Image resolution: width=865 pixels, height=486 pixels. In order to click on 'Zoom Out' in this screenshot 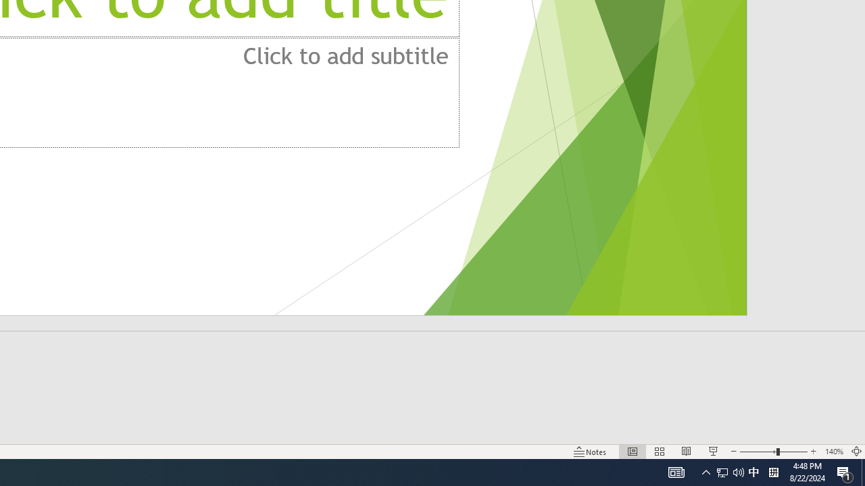, I will do `click(758, 452)`.